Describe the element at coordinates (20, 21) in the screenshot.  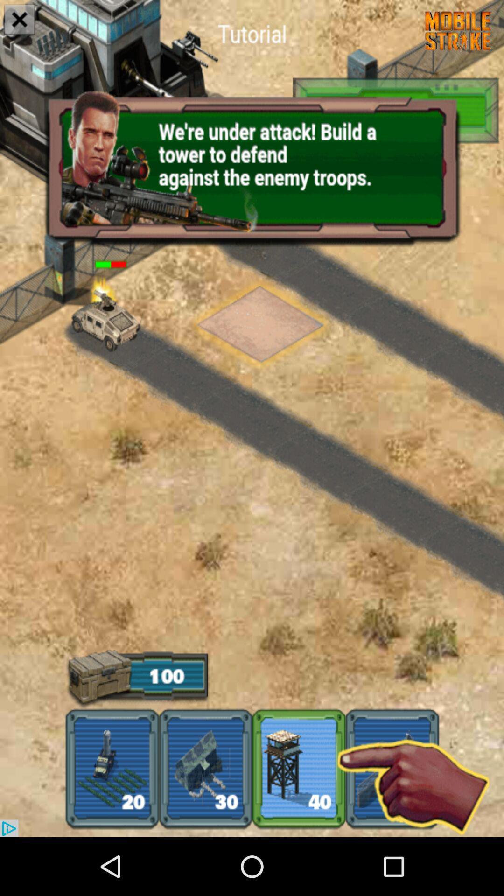
I see `the close icon` at that location.